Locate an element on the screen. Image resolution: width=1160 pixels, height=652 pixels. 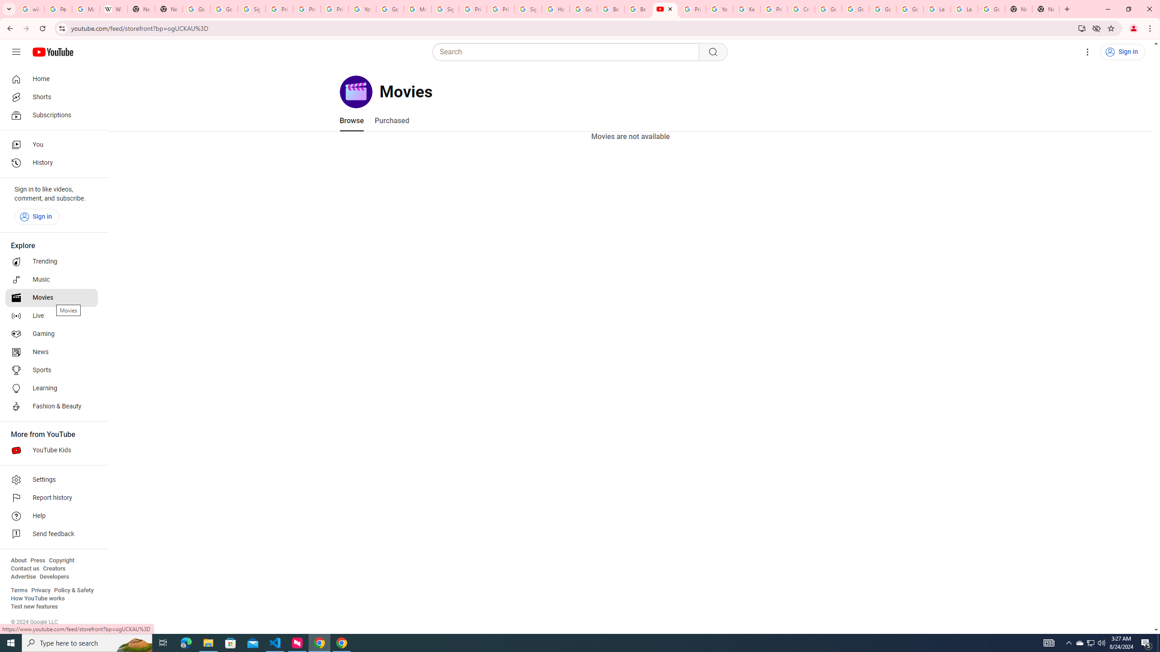
'Movies' is located at coordinates (51, 298).